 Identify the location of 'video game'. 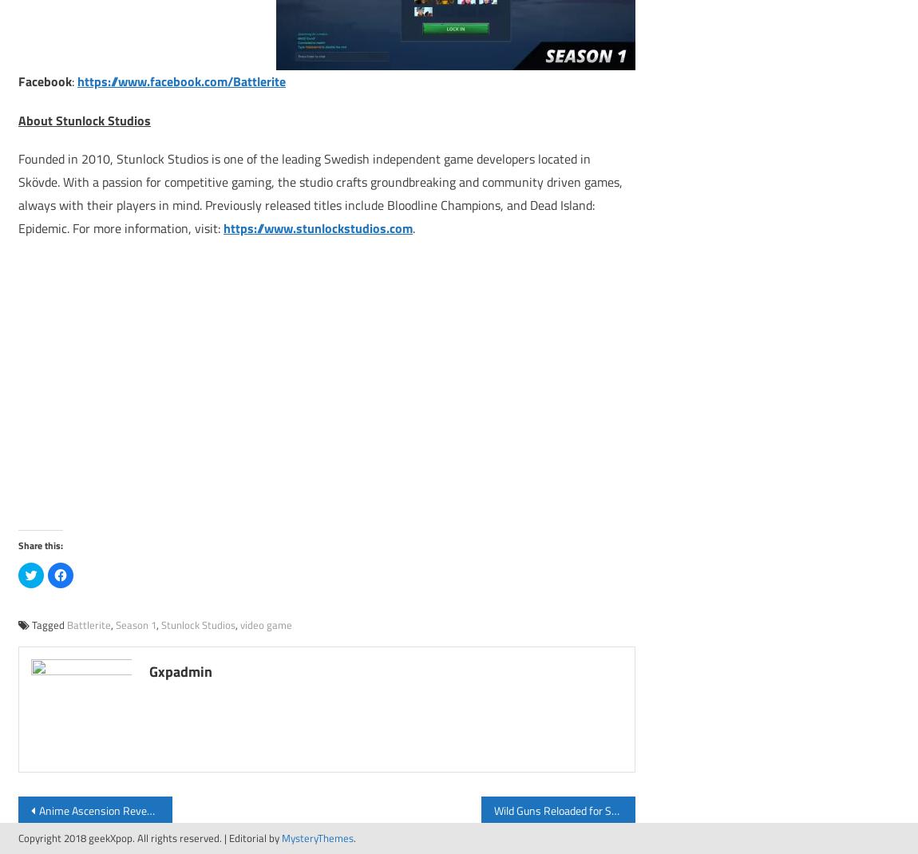
(266, 623).